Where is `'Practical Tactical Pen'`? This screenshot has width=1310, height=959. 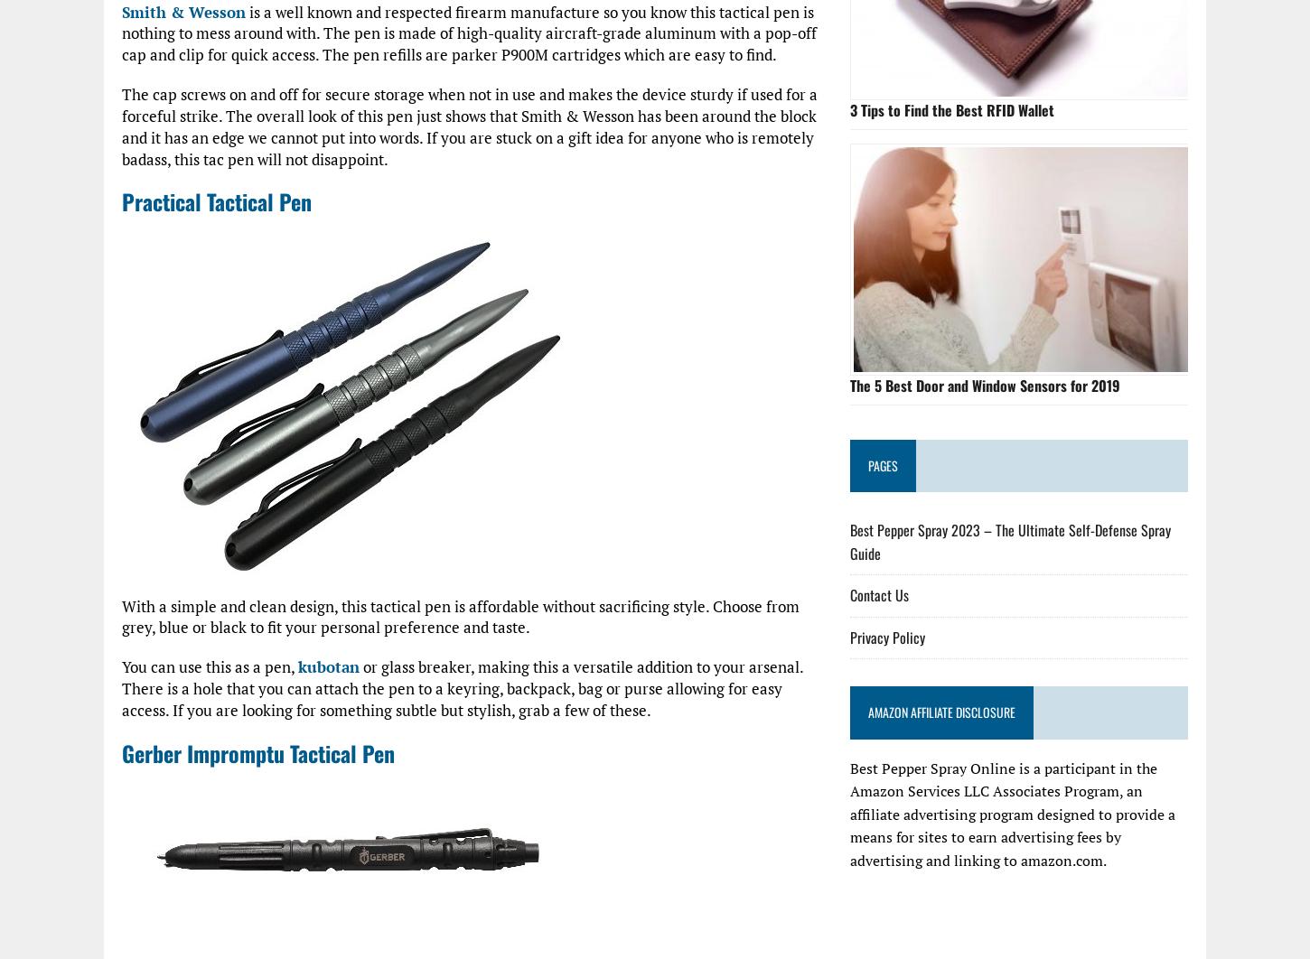
'Practical Tactical Pen' is located at coordinates (215, 201).